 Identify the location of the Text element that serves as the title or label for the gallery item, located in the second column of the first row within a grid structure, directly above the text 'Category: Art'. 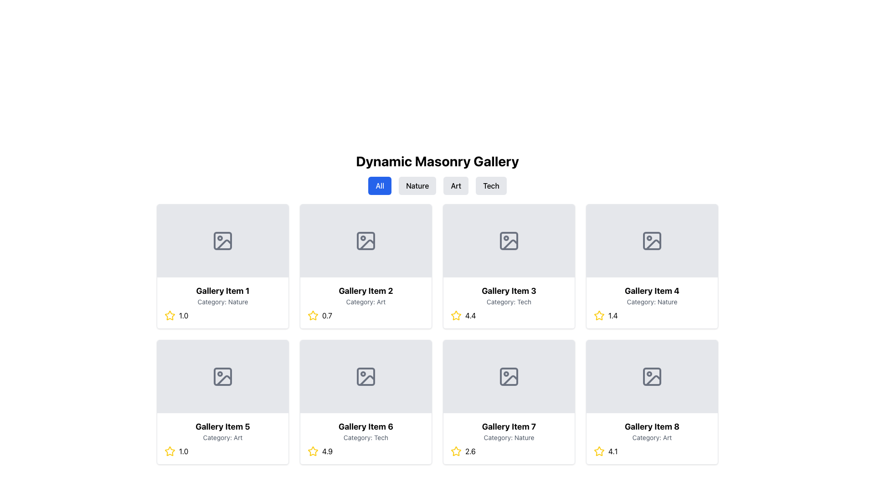
(365, 291).